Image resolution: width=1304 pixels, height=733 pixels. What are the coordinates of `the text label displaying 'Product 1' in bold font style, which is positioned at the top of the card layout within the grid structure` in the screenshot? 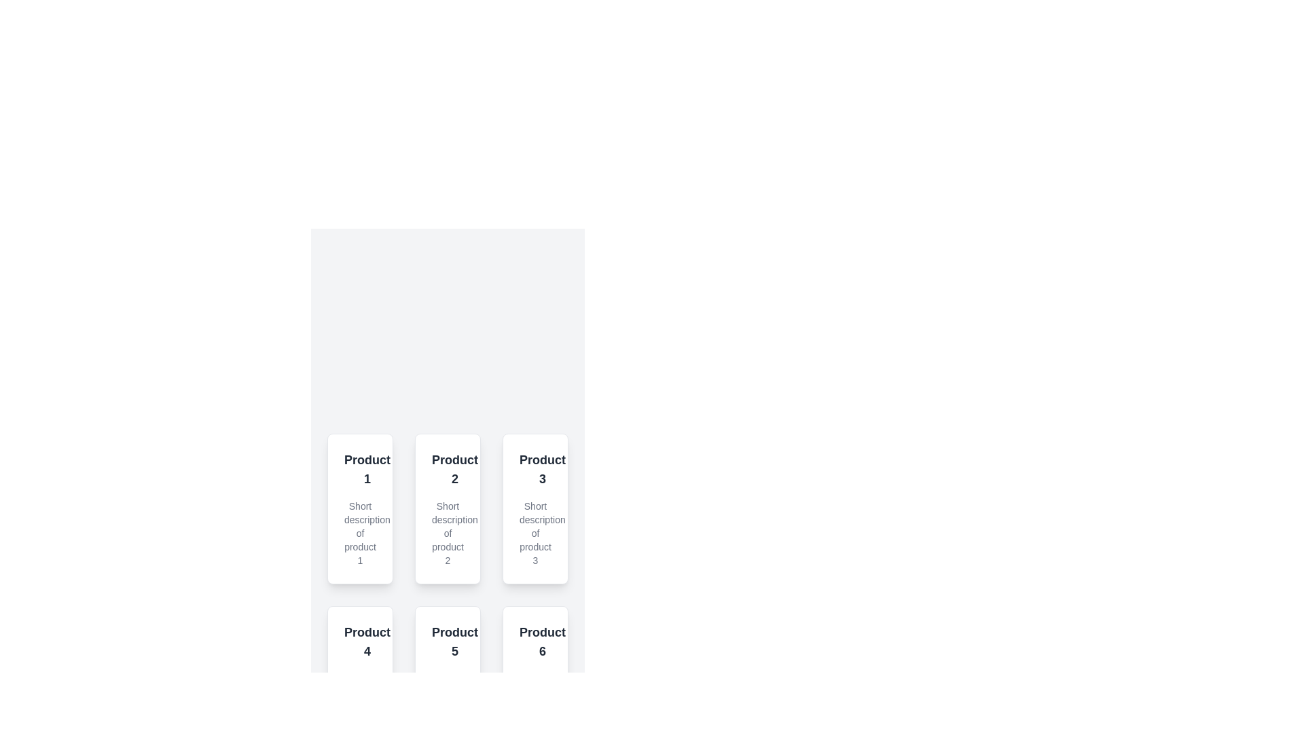 It's located at (360, 468).